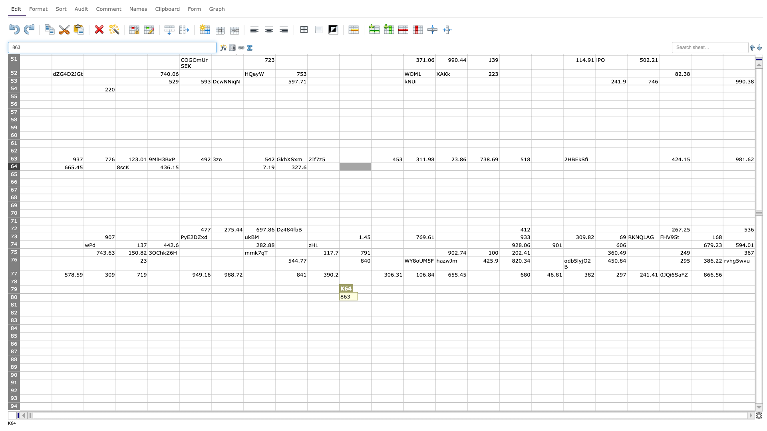 The width and height of the screenshot is (767, 431). What do you see at coordinates (435, 293) in the screenshot?
I see `top left corner of N80` at bounding box center [435, 293].